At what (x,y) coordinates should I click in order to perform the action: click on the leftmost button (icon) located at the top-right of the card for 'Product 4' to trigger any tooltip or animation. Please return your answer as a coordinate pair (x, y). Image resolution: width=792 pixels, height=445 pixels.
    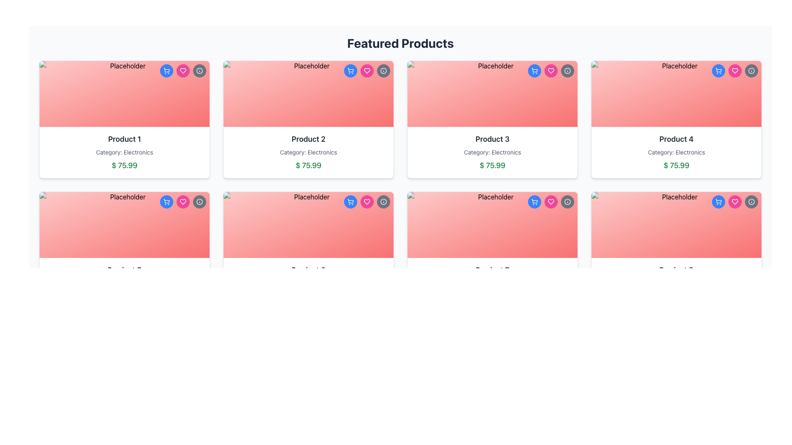
    Looking at the image, I should click on (718, 70).